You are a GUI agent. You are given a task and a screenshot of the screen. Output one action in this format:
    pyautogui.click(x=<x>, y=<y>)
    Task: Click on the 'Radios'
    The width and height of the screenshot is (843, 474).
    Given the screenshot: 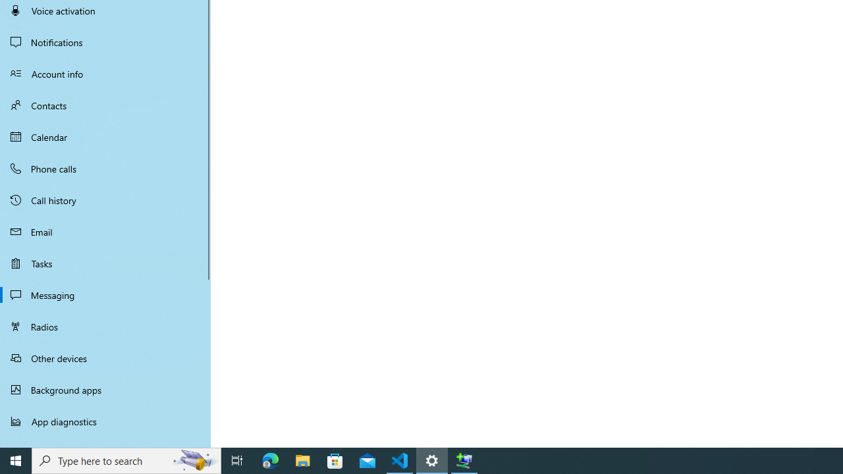 What is the action you would take?
    pyautogui.click(x=105, y=326)
    